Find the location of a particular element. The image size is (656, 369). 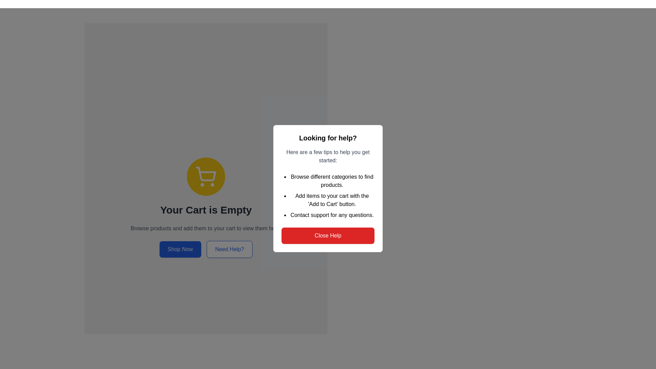

the unordered list with bulleted items located in the middle section of the help panel, which provides guidance on browsing categories, adding items to the cart, and contacting support is located at coordinates (328, 196).